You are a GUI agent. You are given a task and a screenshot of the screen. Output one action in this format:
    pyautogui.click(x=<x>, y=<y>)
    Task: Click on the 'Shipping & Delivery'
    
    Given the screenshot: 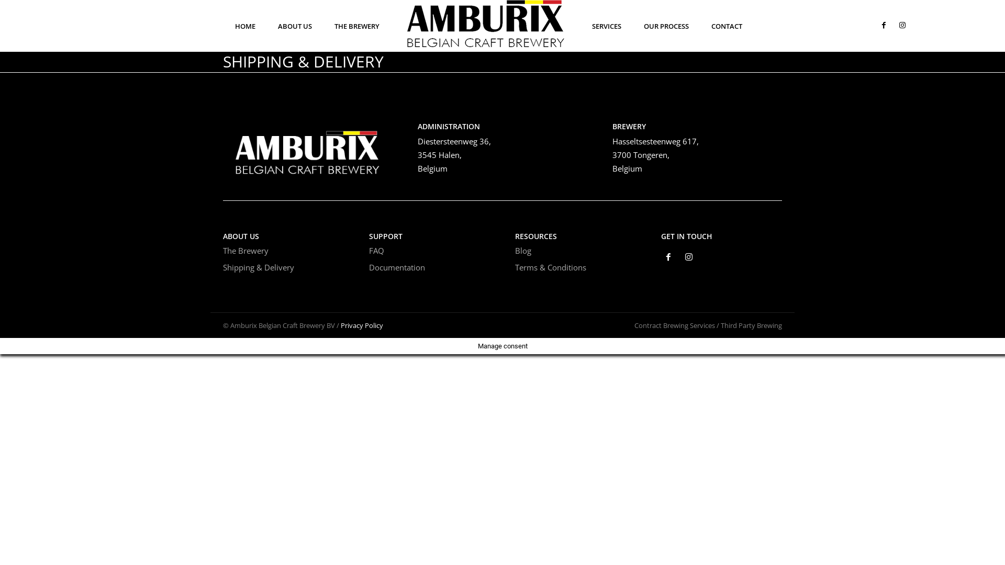 What is the action you would take?
    pyautogui.click(x=259, y=266)
    